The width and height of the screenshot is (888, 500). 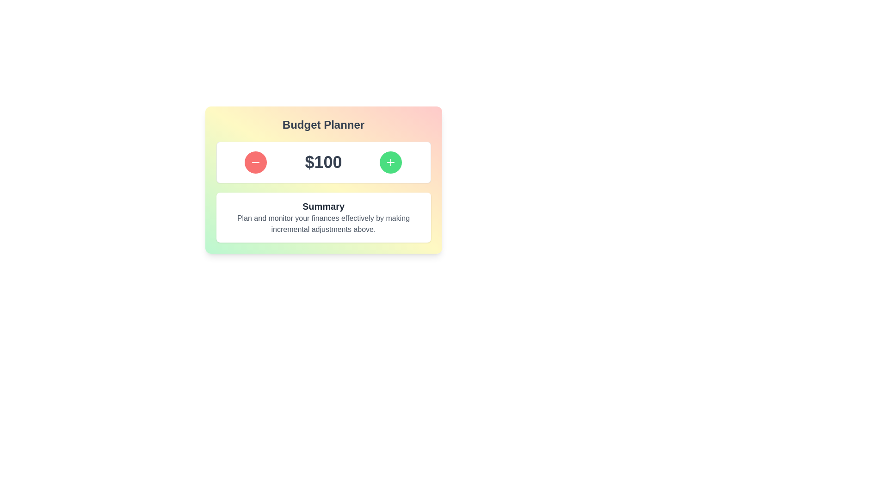 I want to click on descriptive text content located within the white card below the bold headline 'Summary', which focuses on financial planning, so click(x=323, y=224).